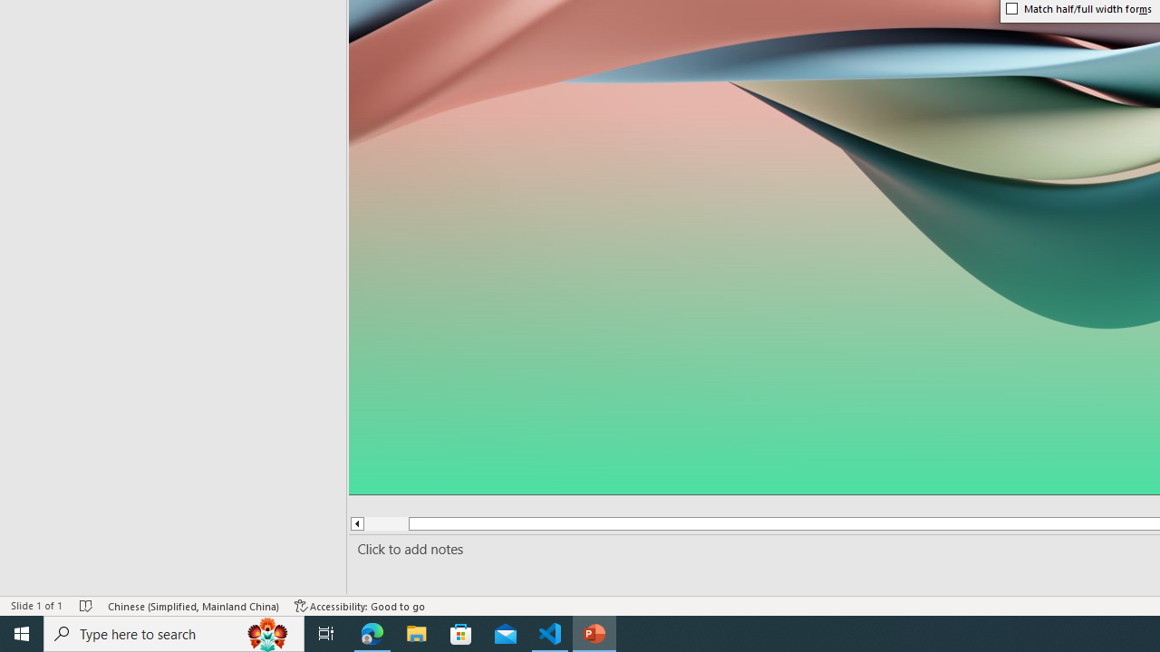  What do you see at coordinates (325, 632) in the screenshot?
I see `'Task View'` at bounding box center [325, 632].